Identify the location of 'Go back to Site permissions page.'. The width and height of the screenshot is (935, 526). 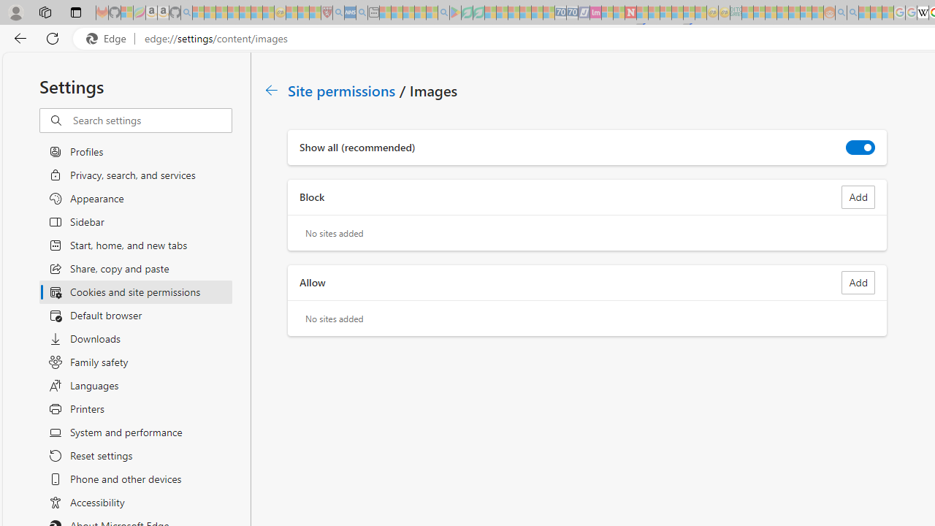
(272, 90).